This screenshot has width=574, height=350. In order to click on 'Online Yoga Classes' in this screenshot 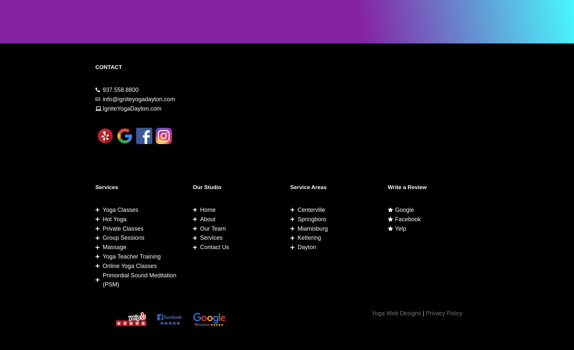, I will do `click(129, 265)`.